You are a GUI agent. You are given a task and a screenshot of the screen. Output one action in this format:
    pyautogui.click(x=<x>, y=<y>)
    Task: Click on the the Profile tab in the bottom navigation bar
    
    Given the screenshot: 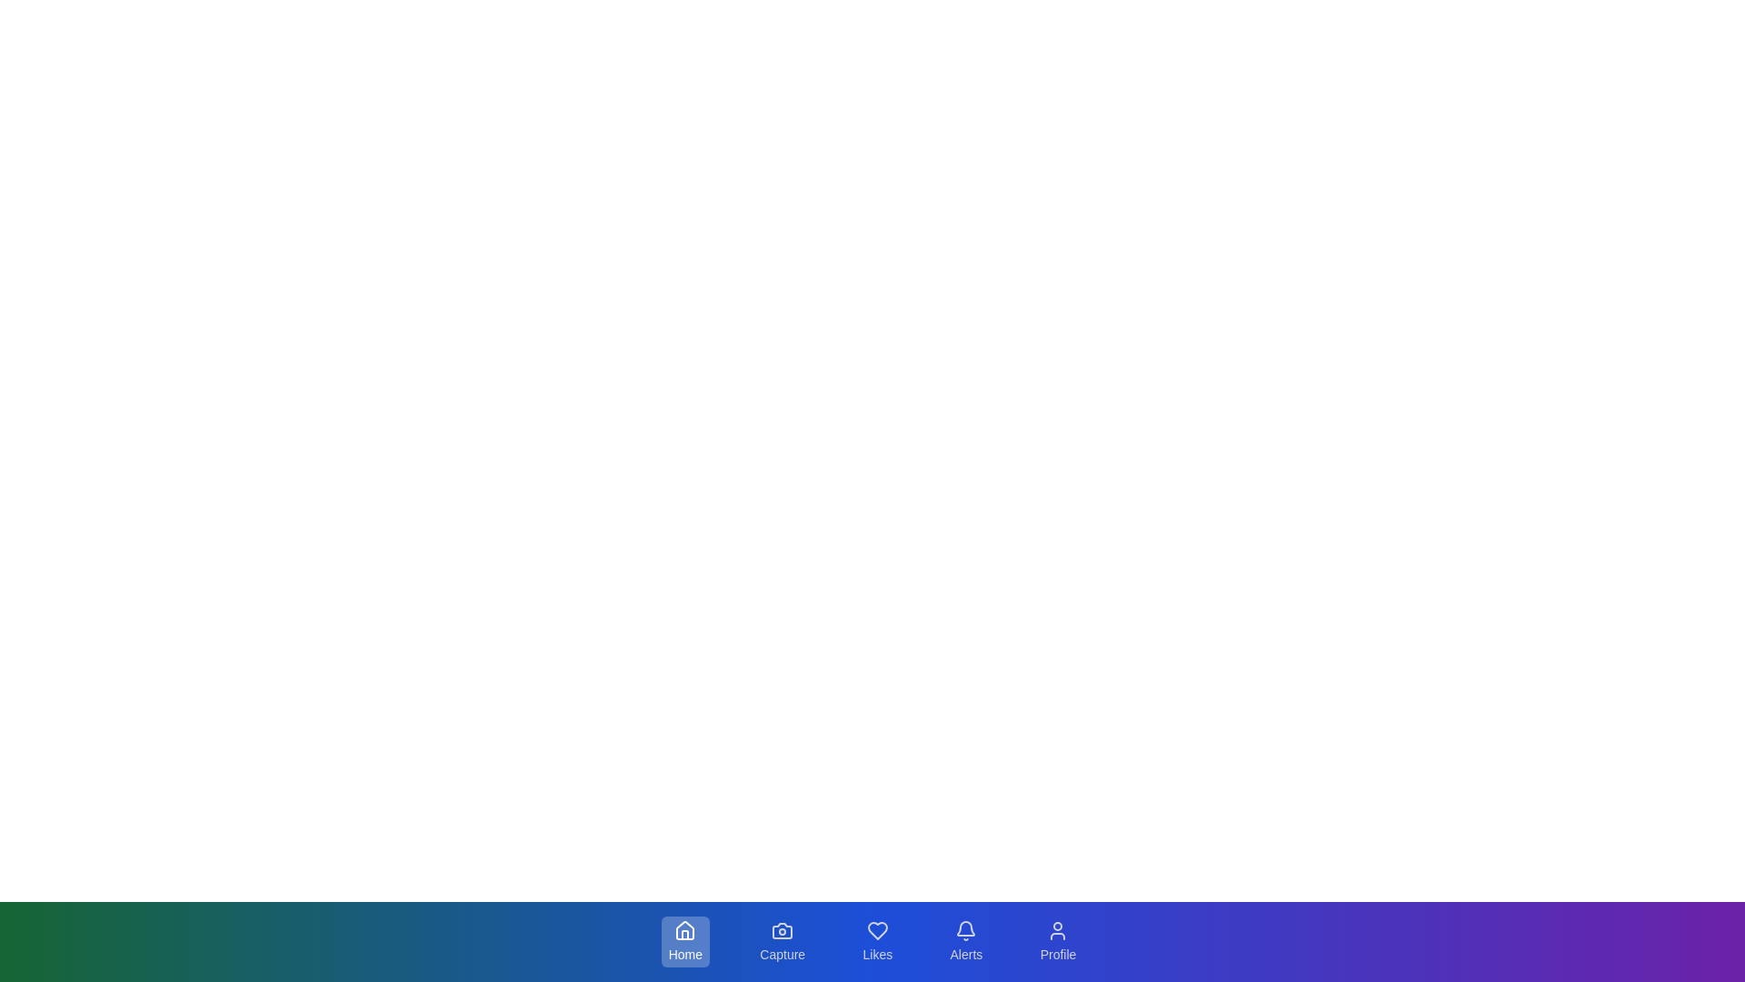 What is the action you would take?
    pyautogui.click(x=1057, y=941)
    